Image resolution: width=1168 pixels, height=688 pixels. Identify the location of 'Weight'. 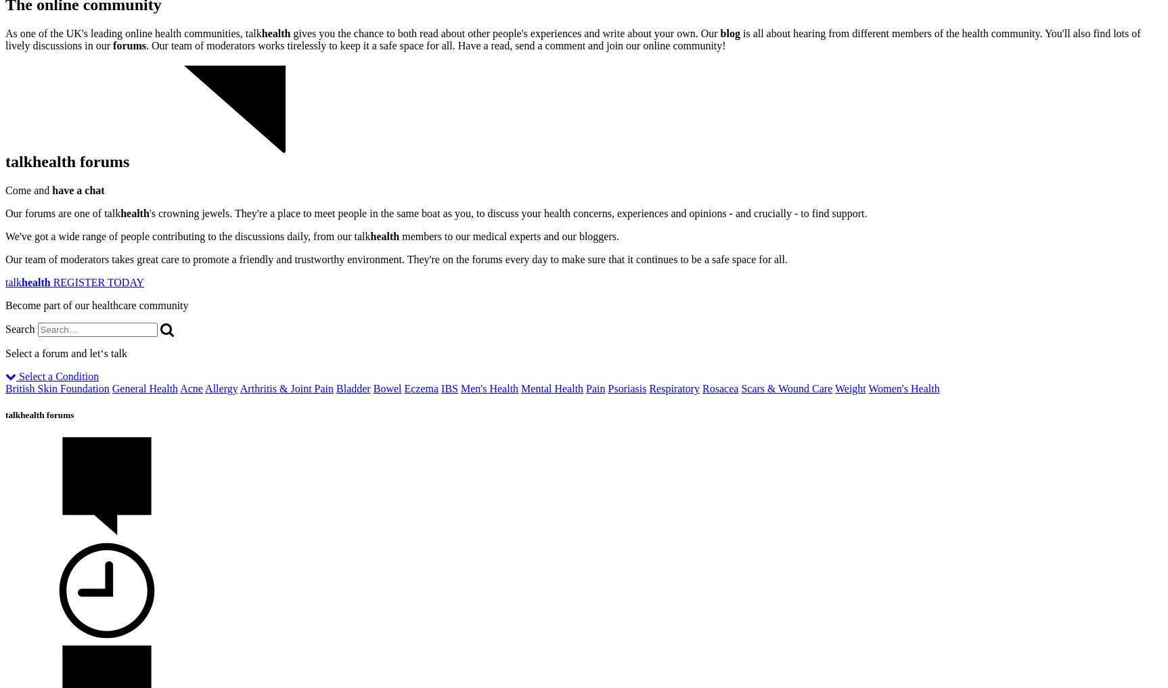
(850, 388).